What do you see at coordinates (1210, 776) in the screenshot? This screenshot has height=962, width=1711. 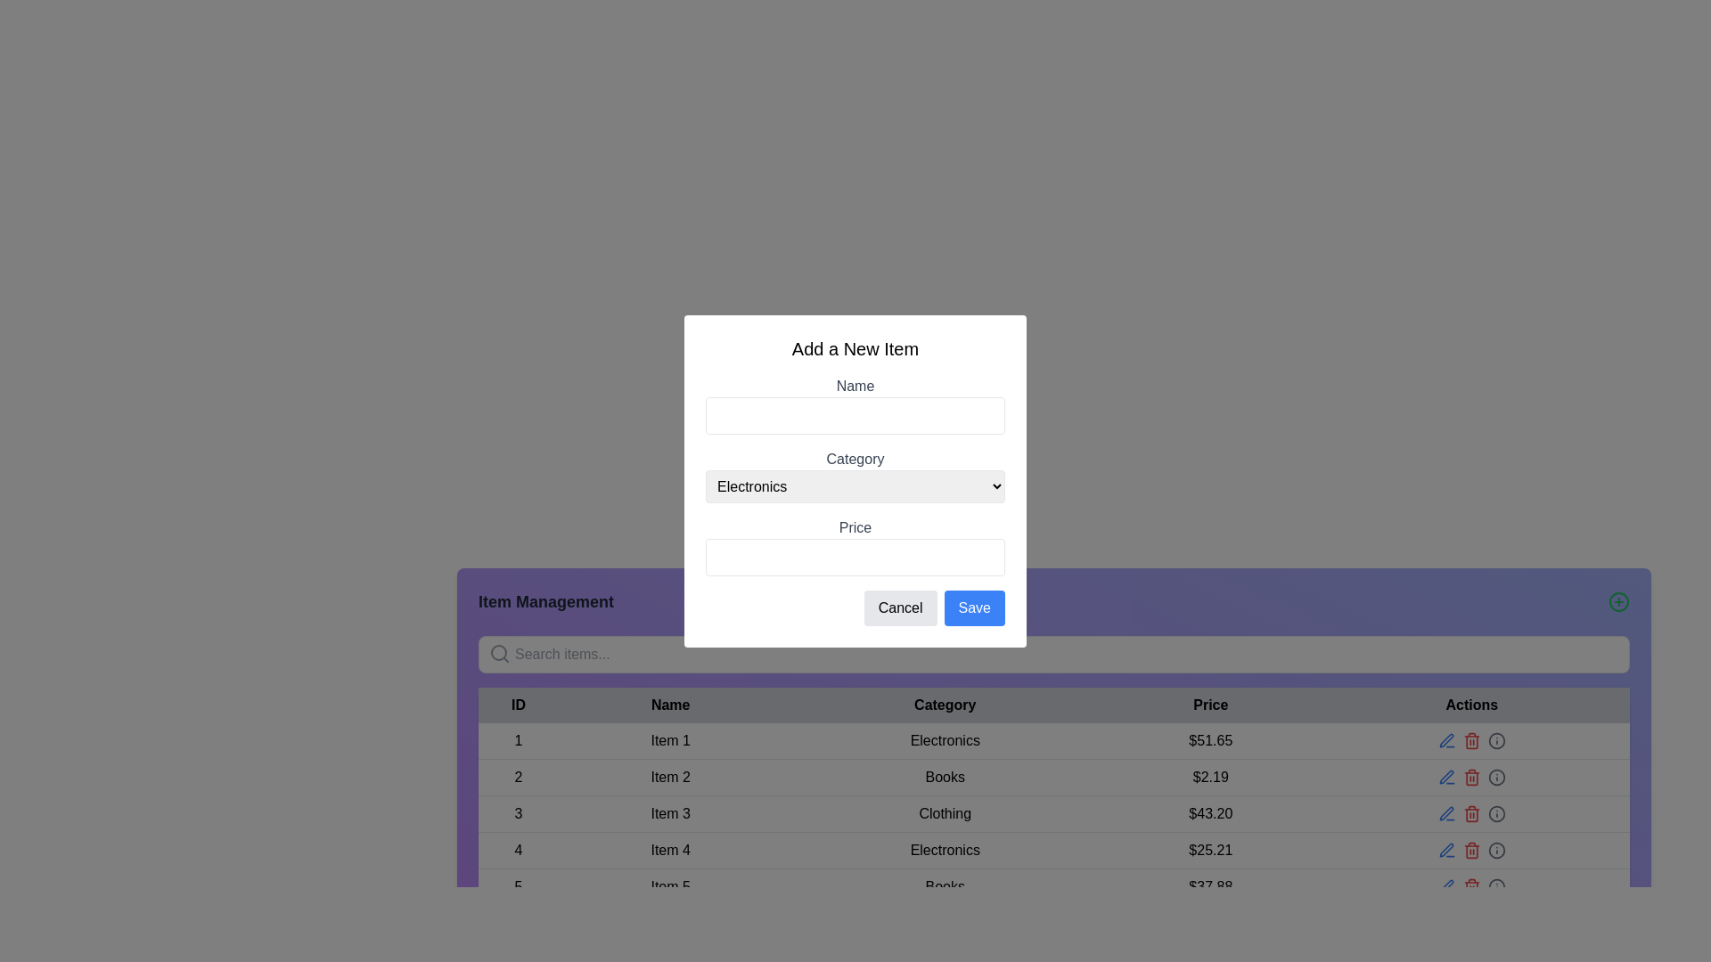 I see `the price text label for 'Item 2' in the table, located under the 'Price' column, which displays the item's price` at bounding box center [1210, 776].